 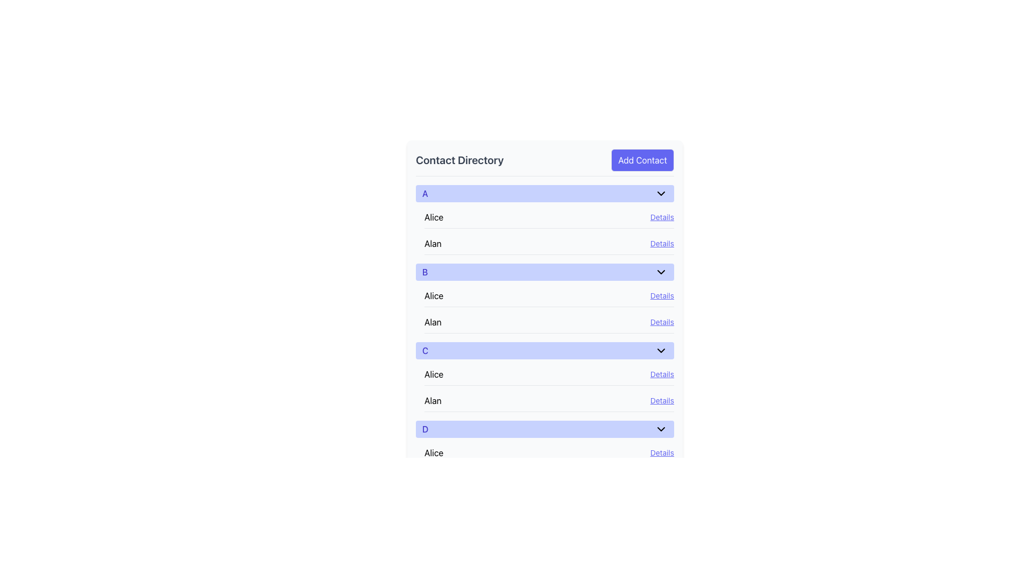 What do you see at coordinates (660, 350) in the screenshot?
I see `the toggle icon located at the right end of the blue header labeled 'C' in the third section` at bounding box center [660, 350].